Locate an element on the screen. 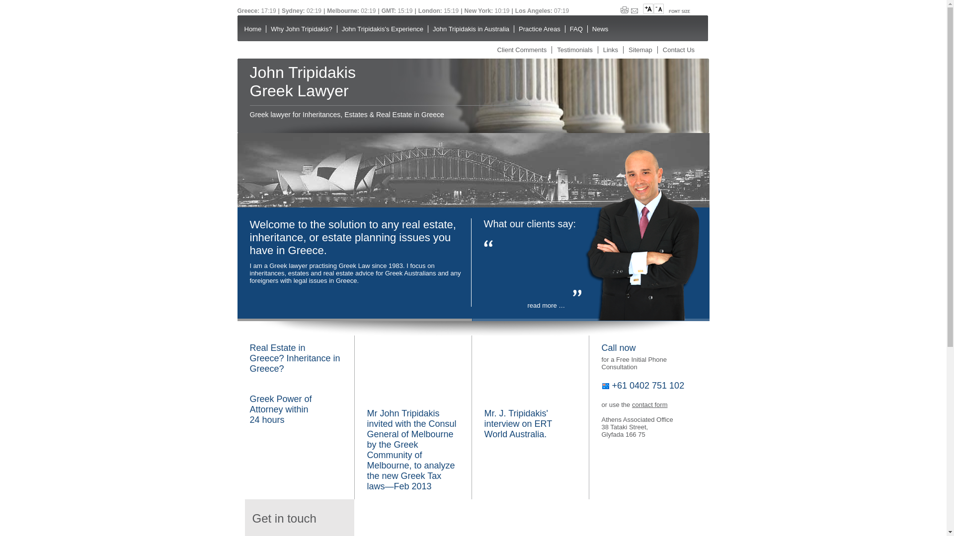  'John Tripidakis's Experience' is located at coordinates (382, 28).